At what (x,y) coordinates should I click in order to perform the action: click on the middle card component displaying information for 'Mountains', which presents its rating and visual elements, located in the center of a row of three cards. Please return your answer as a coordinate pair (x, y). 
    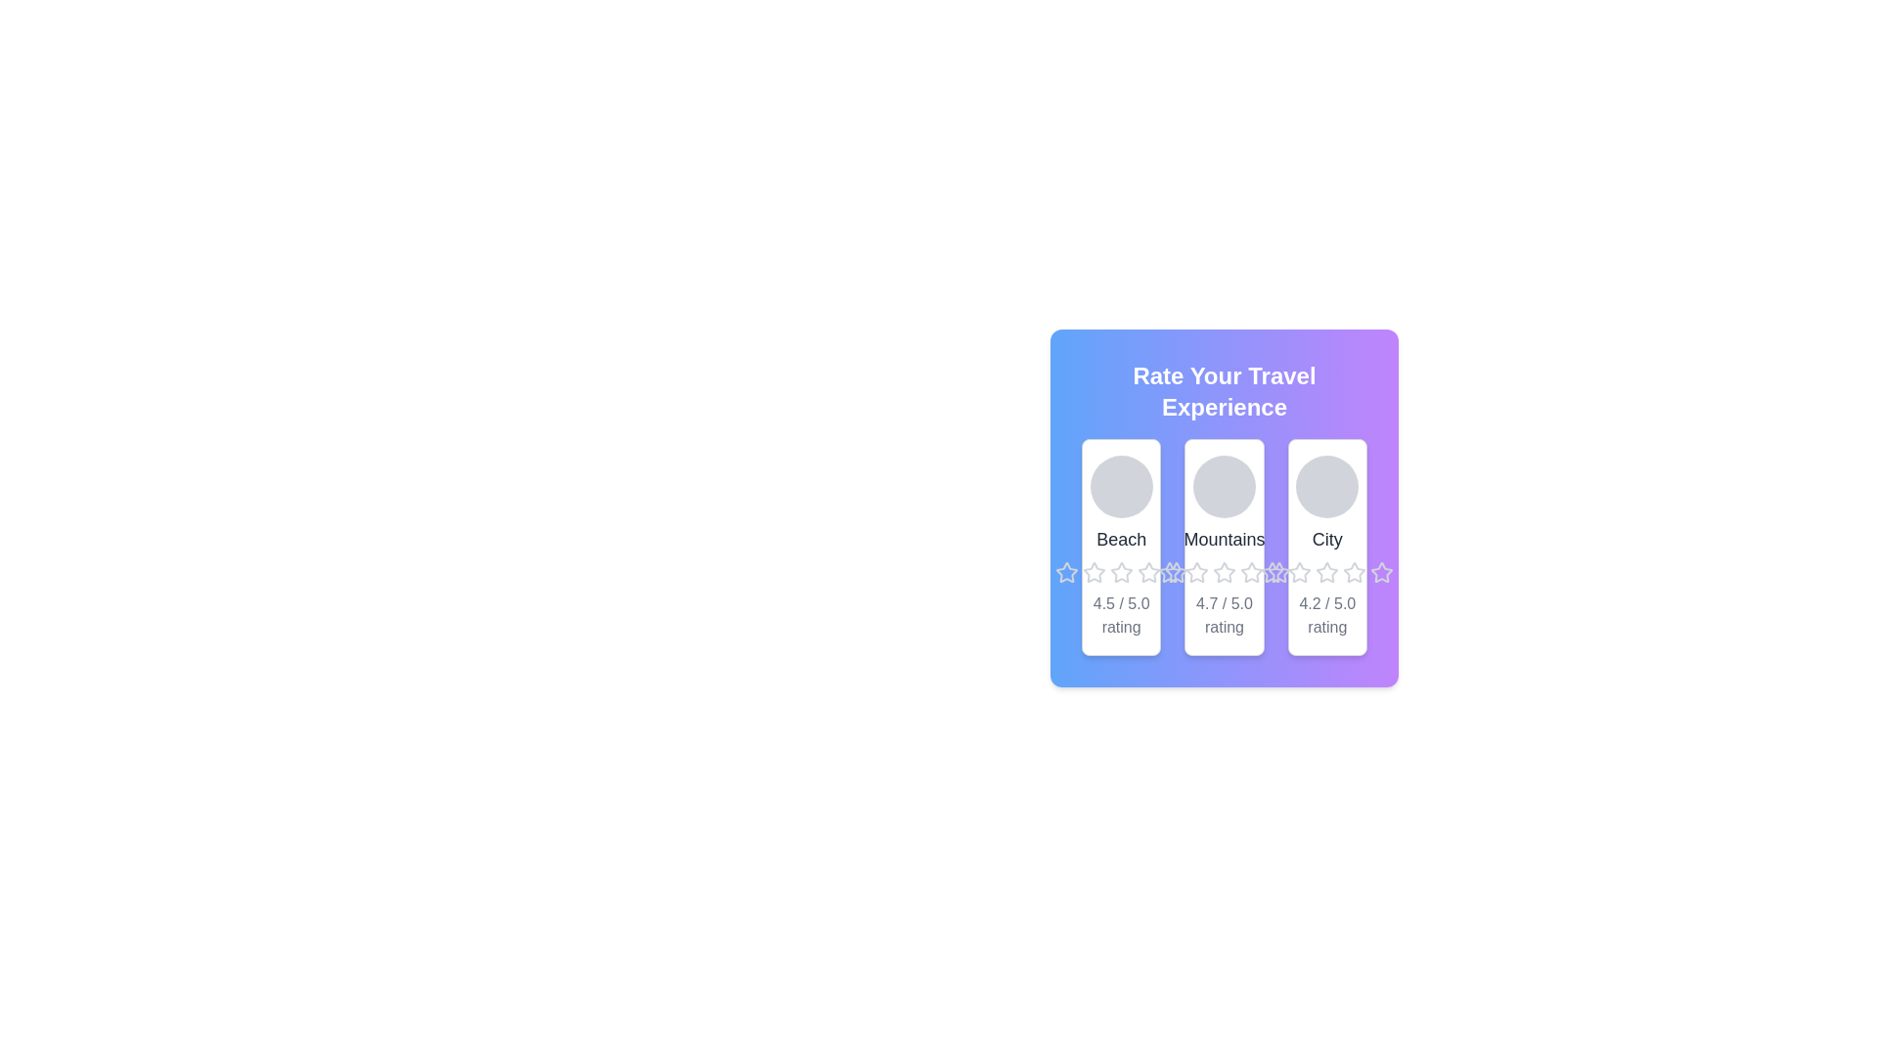
    Looking at the image, I should click on (1224, 547).